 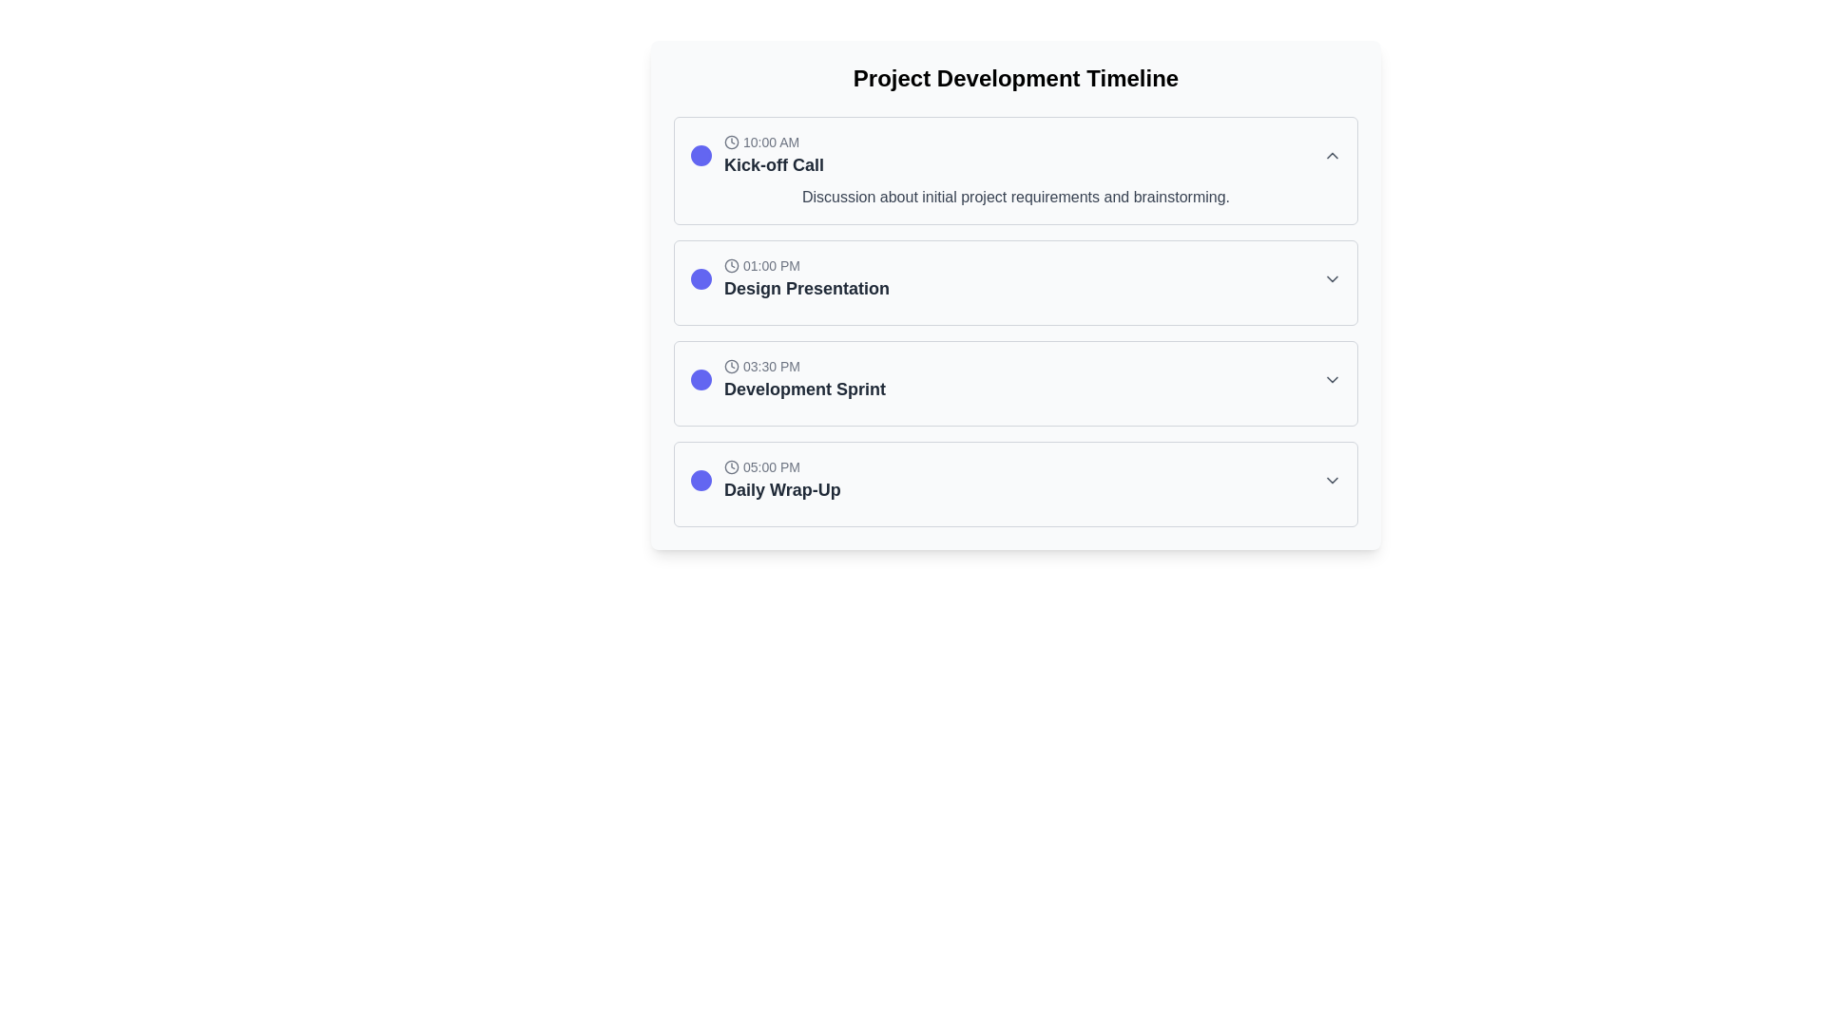 I want to click on the bold, large text label that reads 'Daily Wrap-Up', which is styled in dark gray and positioned below the smaller text '05:00 PM', so click(x=782, y=489).